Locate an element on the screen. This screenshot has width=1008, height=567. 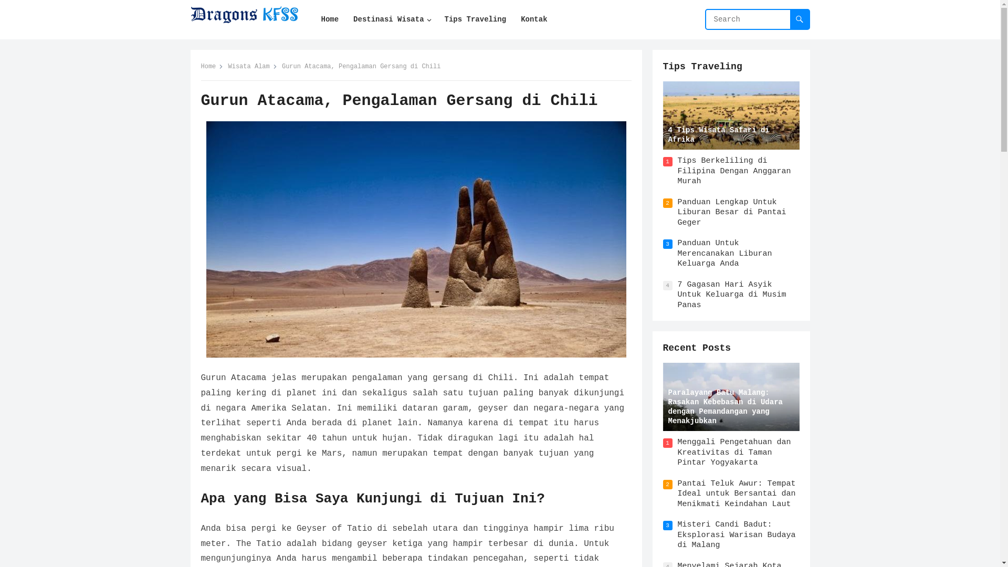
'Home' is located at coordinates (329, 19).